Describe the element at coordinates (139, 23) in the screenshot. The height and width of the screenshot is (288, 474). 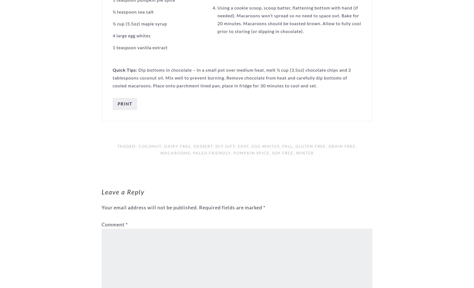
I see `'½ cup (5.5oz) maple syrup'` at that location.